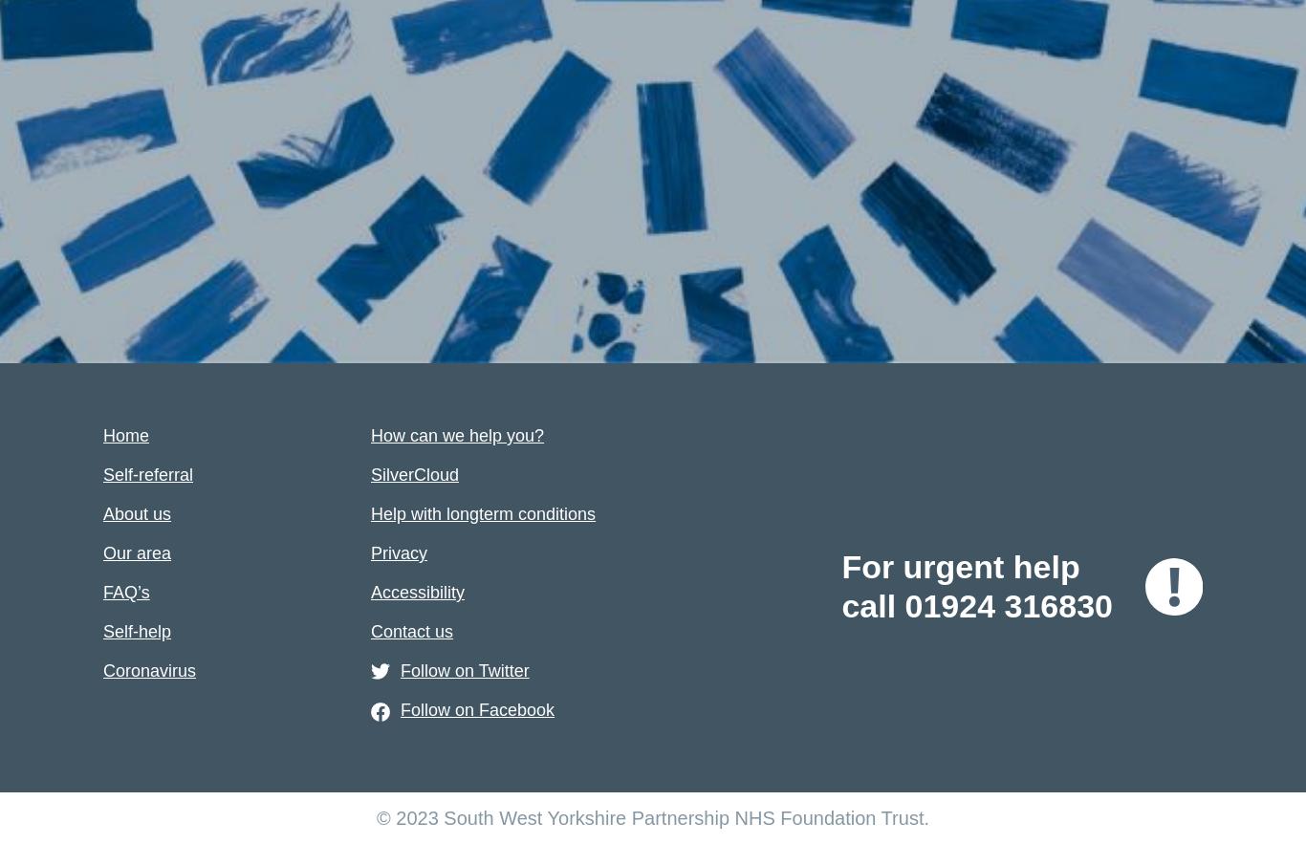  What do you see at coordinates (399, 708) in the screenshot?
I see `'Follow on Facebook'` at bounding box center [399, 708].